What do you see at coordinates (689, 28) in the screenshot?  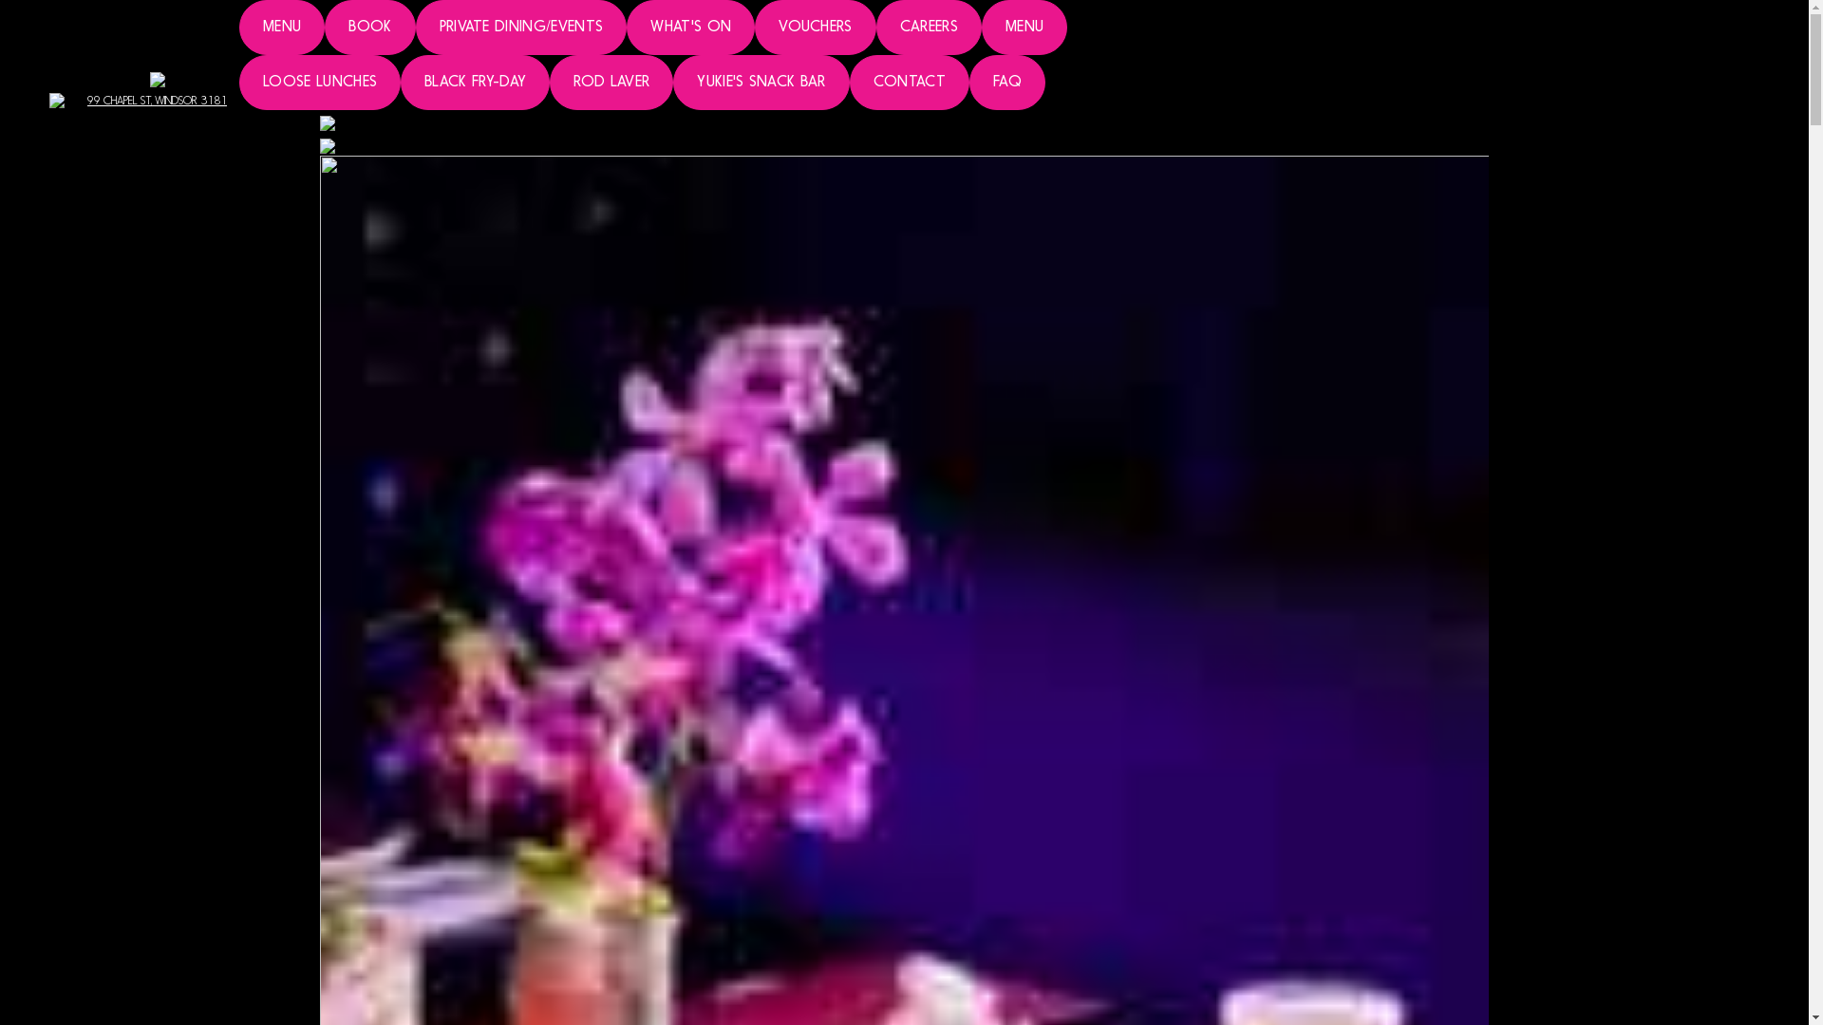 I see `'WHAT'S ON'` at bounding box center [689, 28].